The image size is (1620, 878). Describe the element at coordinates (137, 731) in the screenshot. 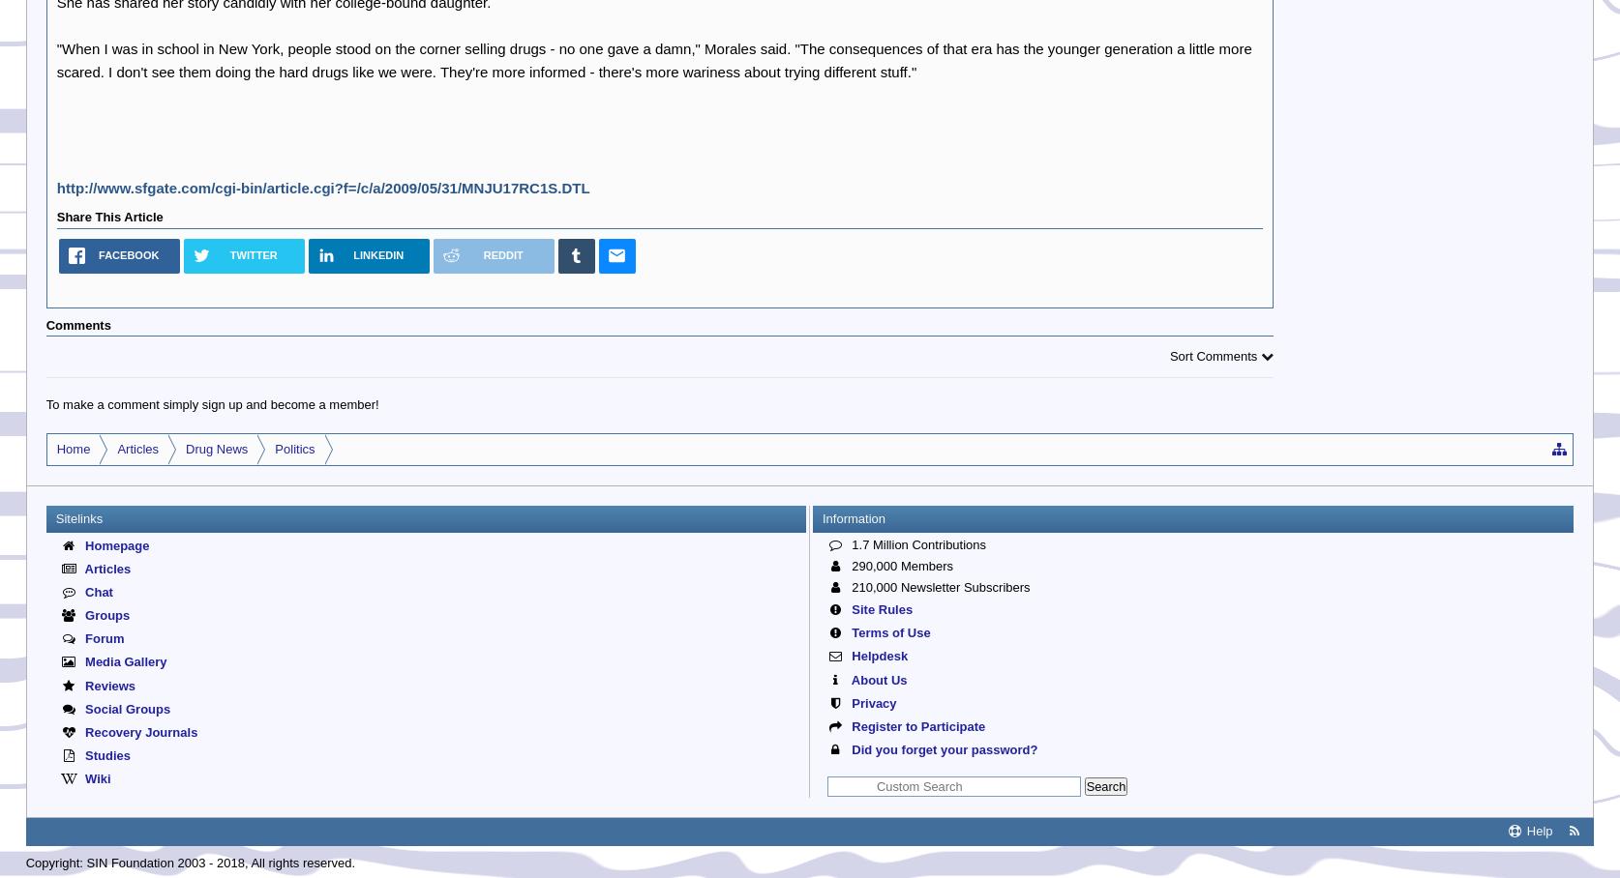

I see `'Recovery Journals'` at that location.